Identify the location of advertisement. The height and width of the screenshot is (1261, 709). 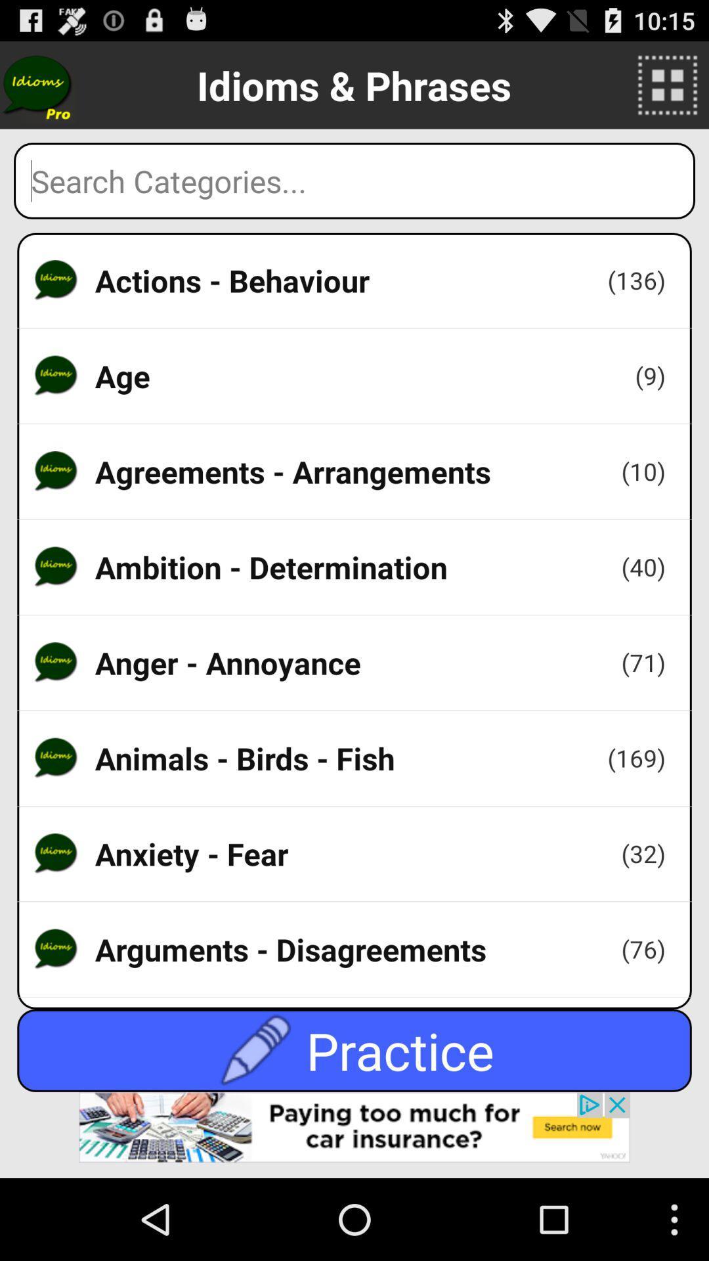
(354, 1134).